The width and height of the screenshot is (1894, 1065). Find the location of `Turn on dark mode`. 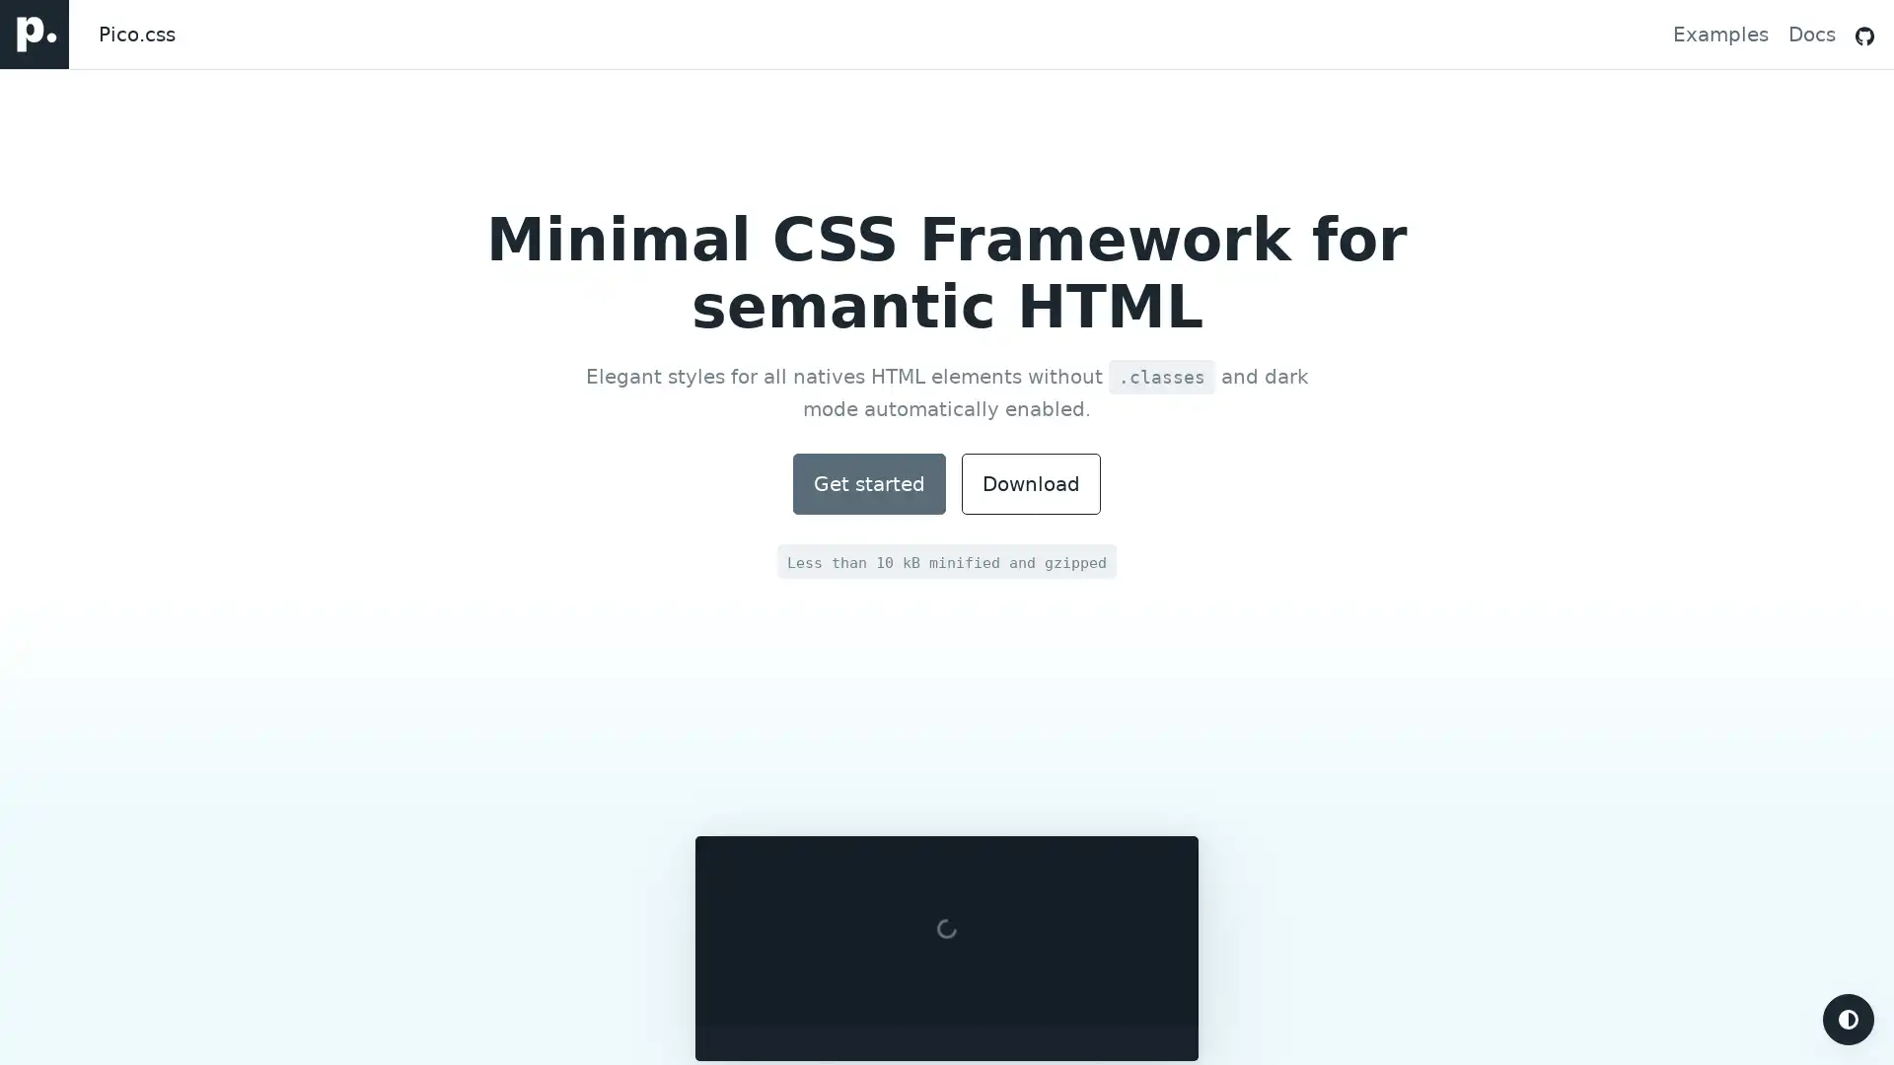

Turn on dark mode is located at coordinates (1847, 1019).